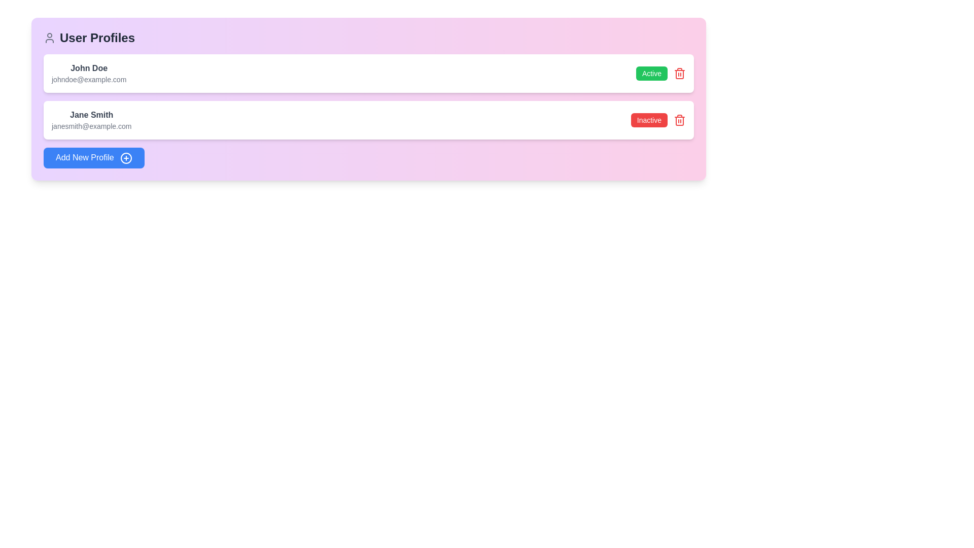 This screenshot has height=548, width=974. I want to click on the text label displaying the email address for user 'Jane Smith', which is located beneath the name text in the second user profile card, so click(91, 126).